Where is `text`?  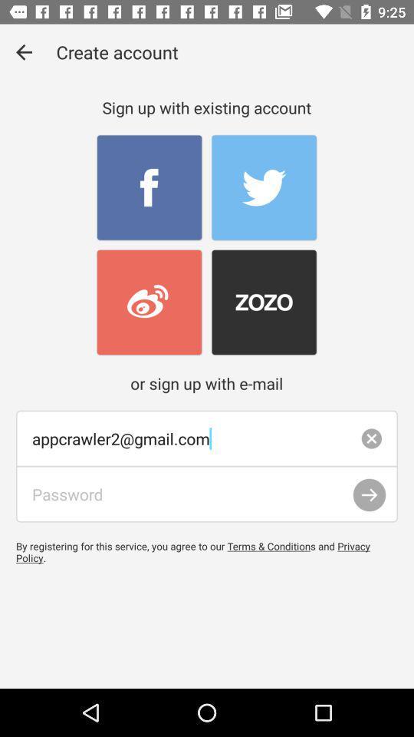 text is located at coordinates (207, 493).